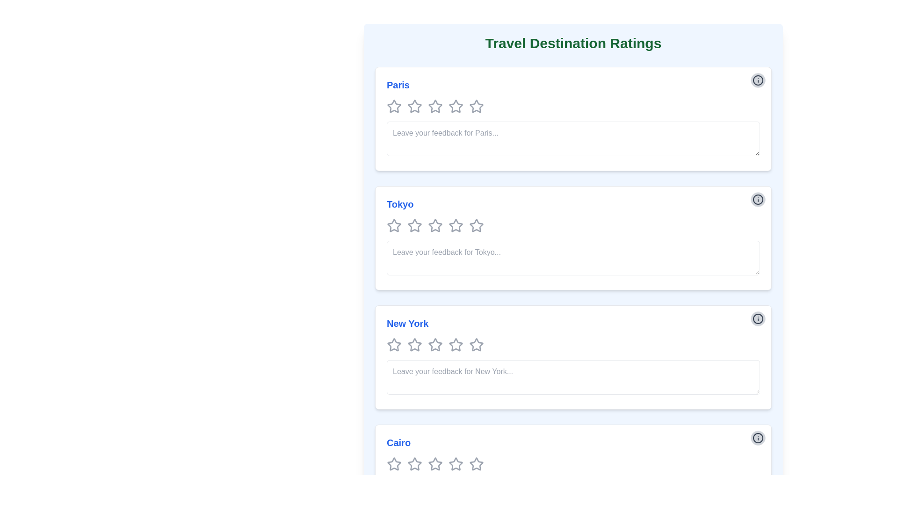 Image resolution: width=898 pixels, height=505 pixels. I want to click on the second star-shaped graphical element in the rating input component for the 'Tokyo' destination to indicate a potential rating, so click(414, 225).